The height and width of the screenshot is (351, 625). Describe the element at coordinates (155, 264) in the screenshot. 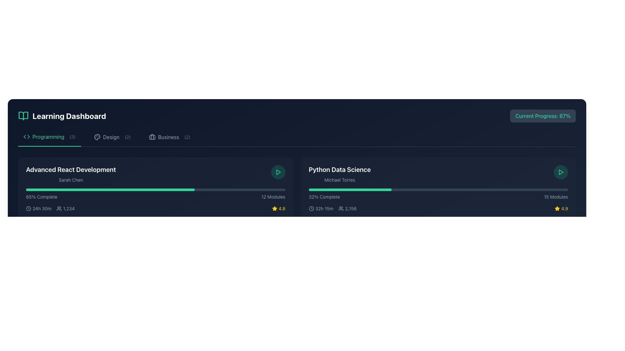

I see `the progress bar displaying '89% Complete' and '14 Modules'` at that location.